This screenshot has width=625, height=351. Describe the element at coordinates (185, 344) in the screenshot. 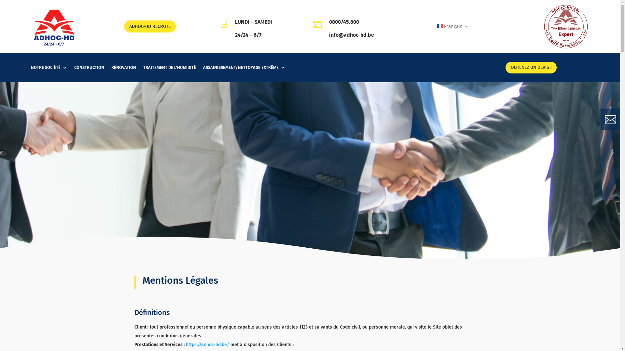

I see `'https://adhoc-hd.be/'` at that location.